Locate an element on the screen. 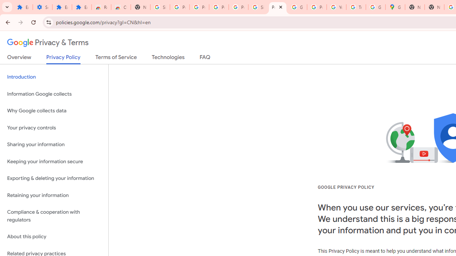  'Settings' is located at coordinates (42, 7).